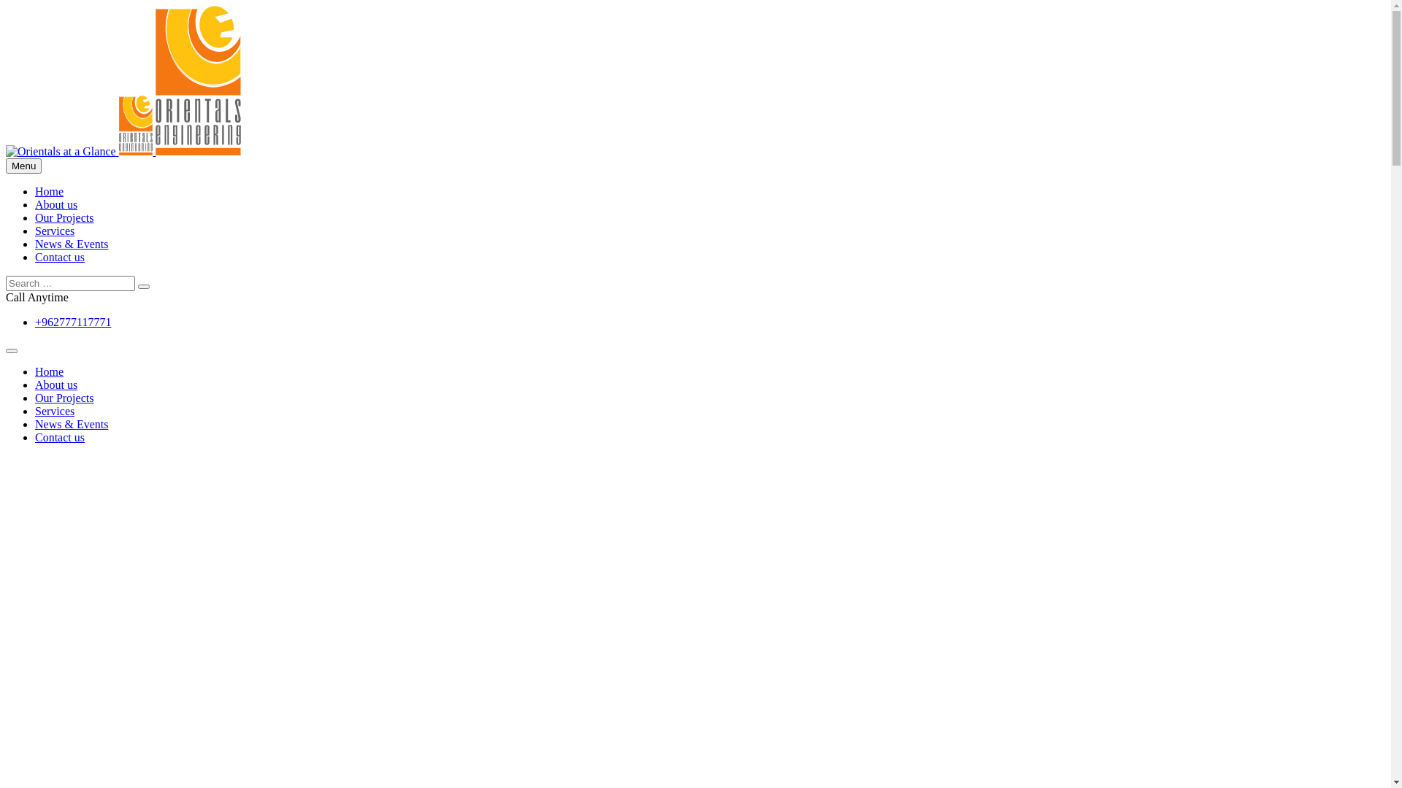  Describe the element at coordinates (55, 204) in the screenshot. I see `'About us'` at that location.